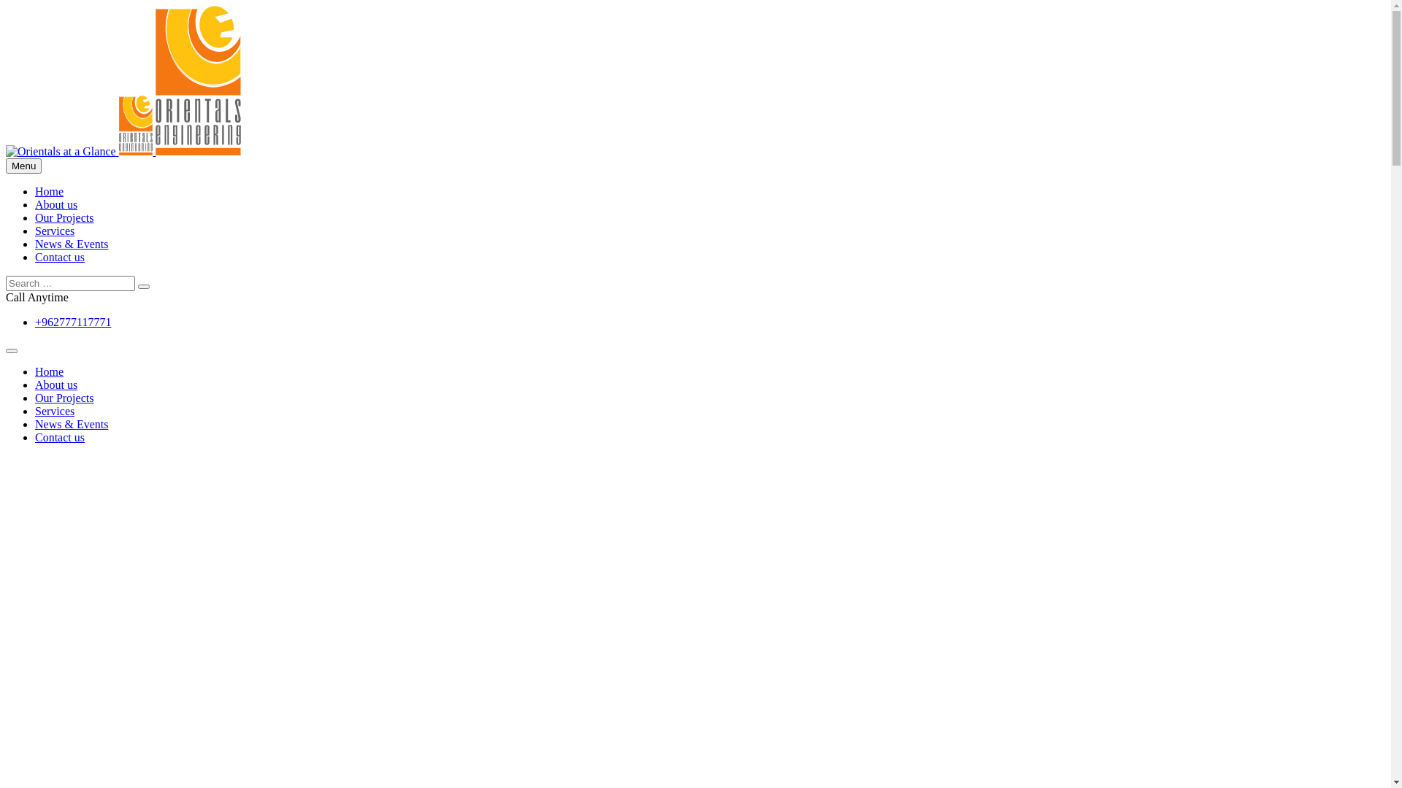  Describe the element at coordinates (55, 204) in the screenshot. I see `'About us'` at that location.